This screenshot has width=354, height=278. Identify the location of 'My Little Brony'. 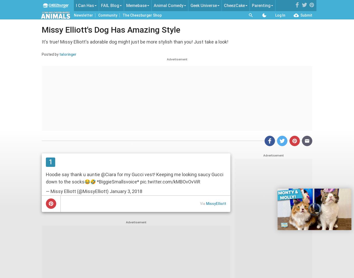
(203, 41).